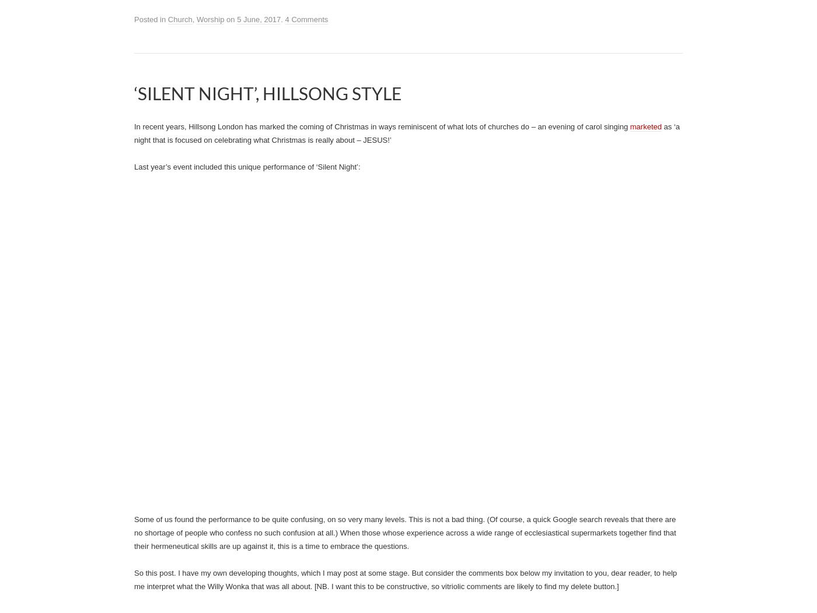 This screenshot has height=613, width=817. I want to click on '5 June, 2017', so click(259, 19).